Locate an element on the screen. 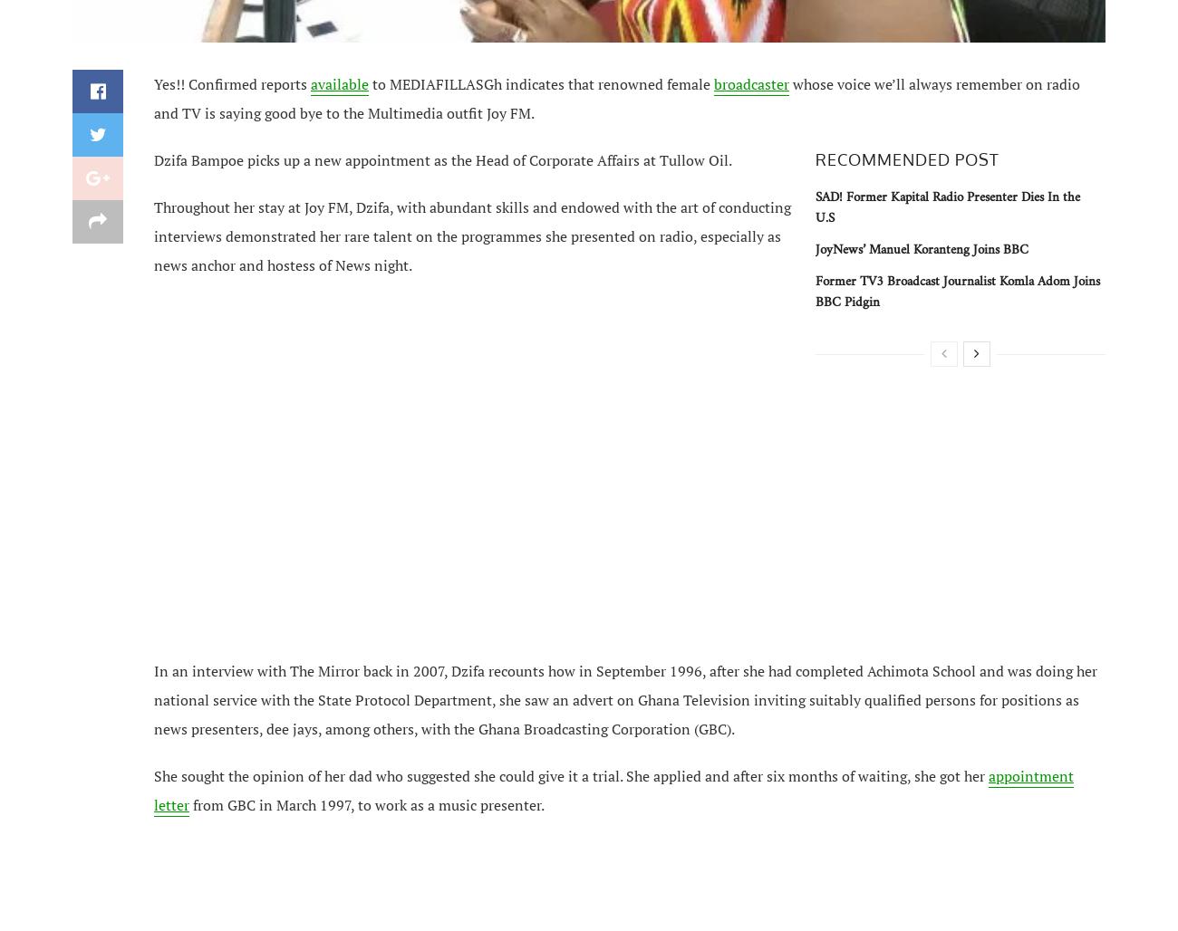  'from GBC in March 1997, to work as a music presenter.' is located at coordinates (366, 802).